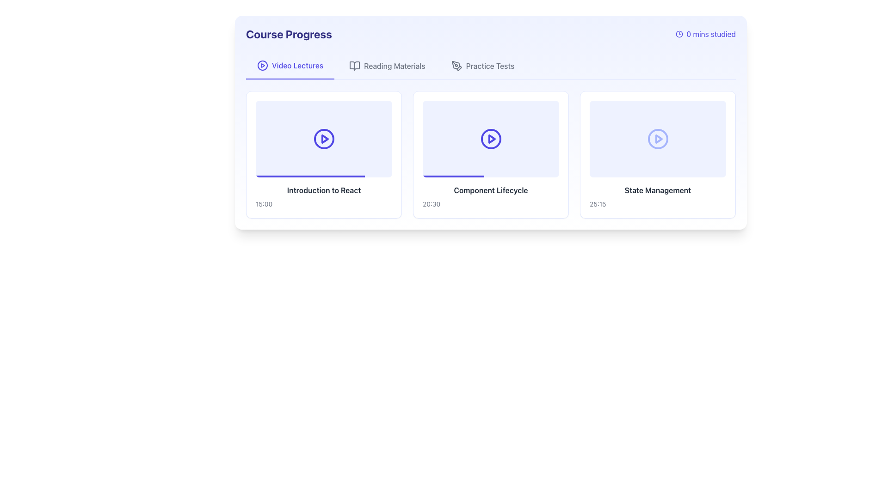  I want to click on the 'Reading Materials' tab, which is the second tab in the 'Course Progress' section of the horizontal navigation bar, to change its text color to blue, so click(387, 65).